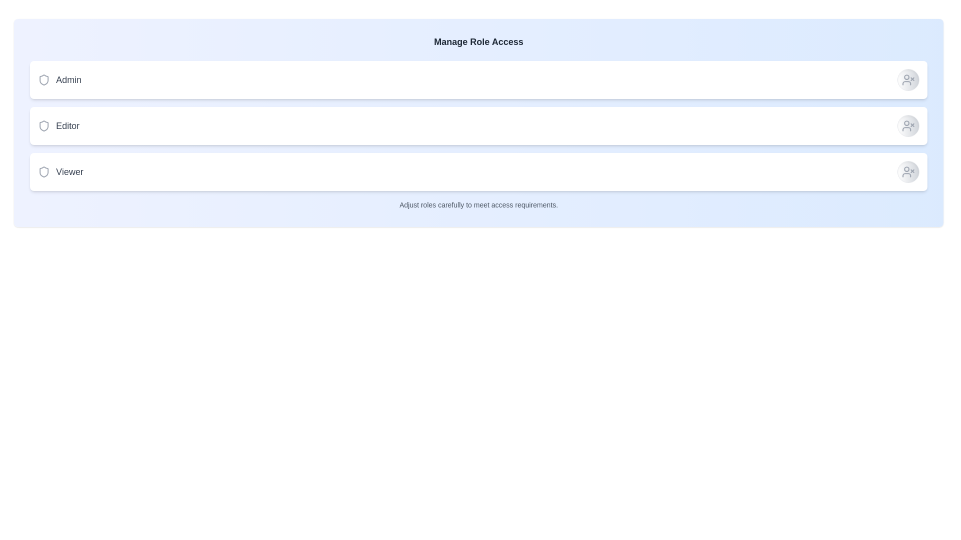 Image resolution: width=961 pixels, height=540 pixels. Describe the element at coordinates (908, 171) in the screenshot. I see `the circular button with a gradient background and a user silhouette icon with an 'x' mark beside it, located at the right edge of the row` at that location.